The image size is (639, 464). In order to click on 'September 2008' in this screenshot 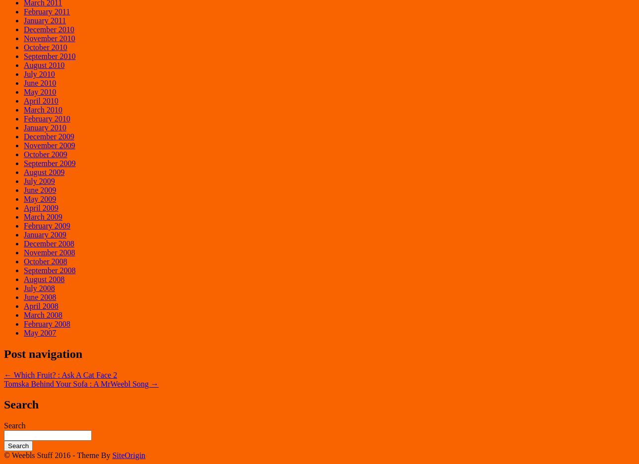, I will do `click(49, 270)`.